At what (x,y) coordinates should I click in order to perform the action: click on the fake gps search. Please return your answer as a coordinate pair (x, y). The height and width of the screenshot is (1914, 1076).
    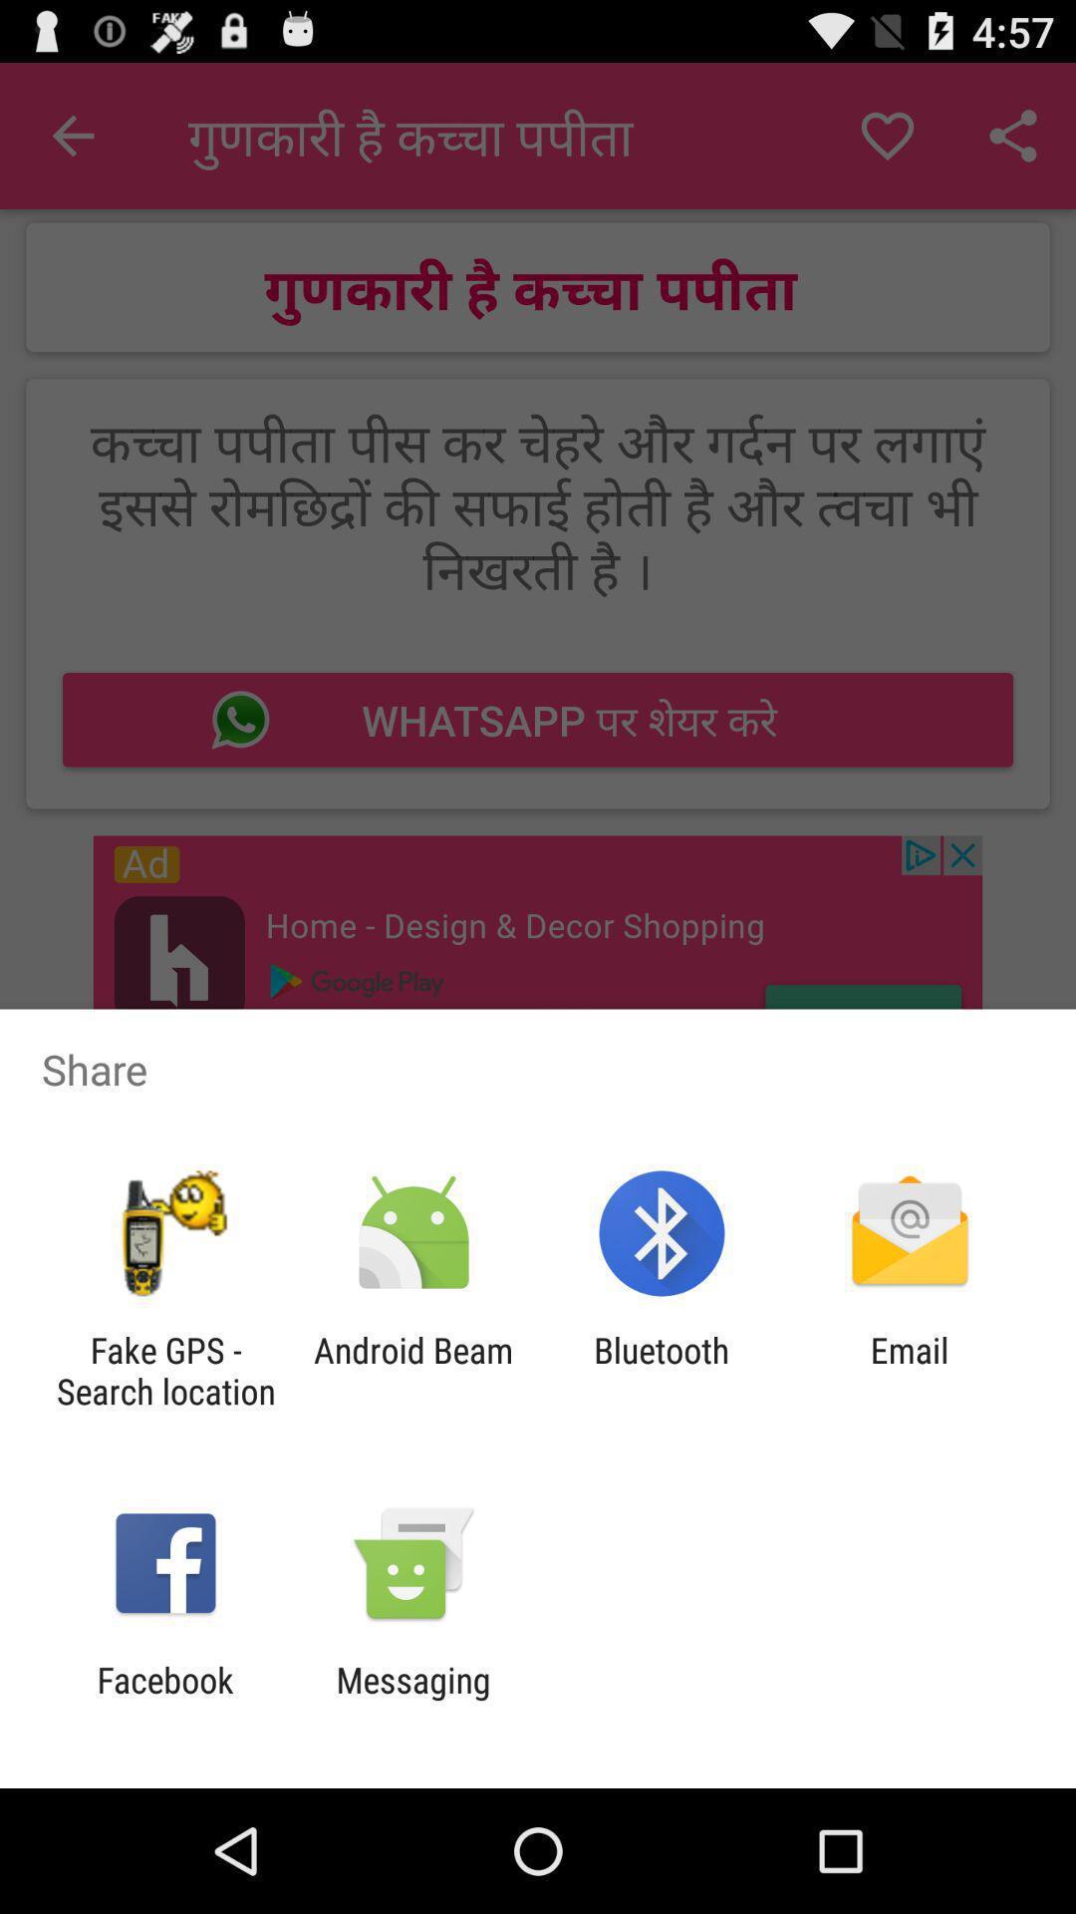
    Looking at the image, I should click on (164, 1370).